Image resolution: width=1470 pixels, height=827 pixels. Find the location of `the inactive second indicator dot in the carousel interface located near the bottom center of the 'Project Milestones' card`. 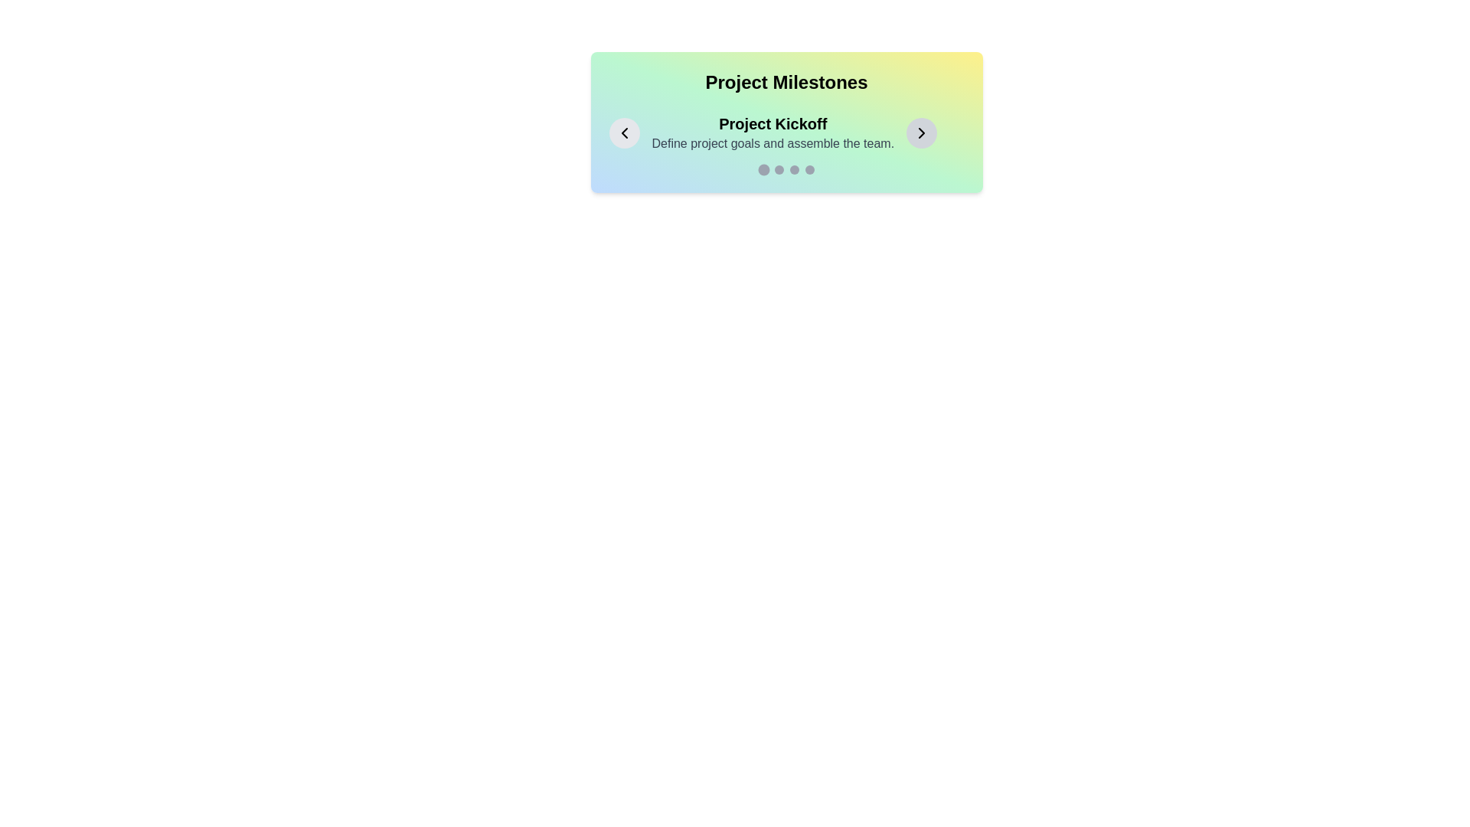

the inactive second indicator dot in the carousel interface located near the bottom center of the 'Project Milestones' card is located at coordinates (779, 170).